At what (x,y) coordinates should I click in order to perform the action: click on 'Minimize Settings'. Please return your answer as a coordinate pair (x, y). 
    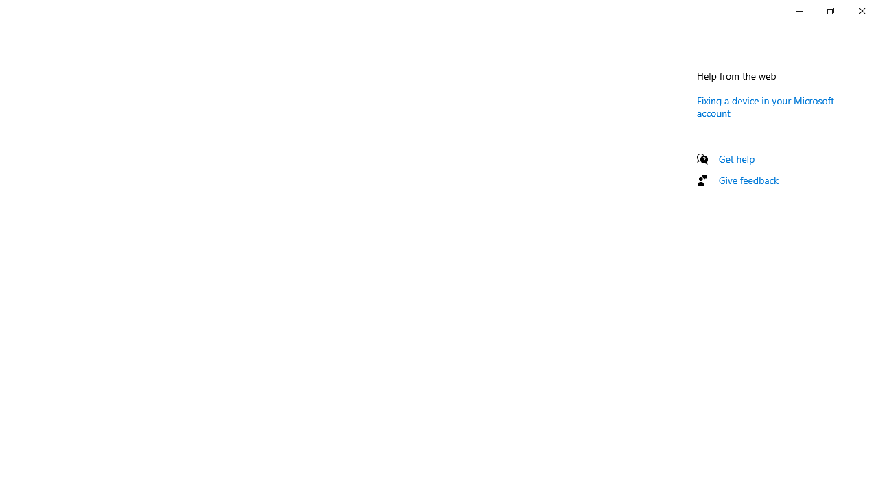
    Looking at the image, I should click on (798, 10).